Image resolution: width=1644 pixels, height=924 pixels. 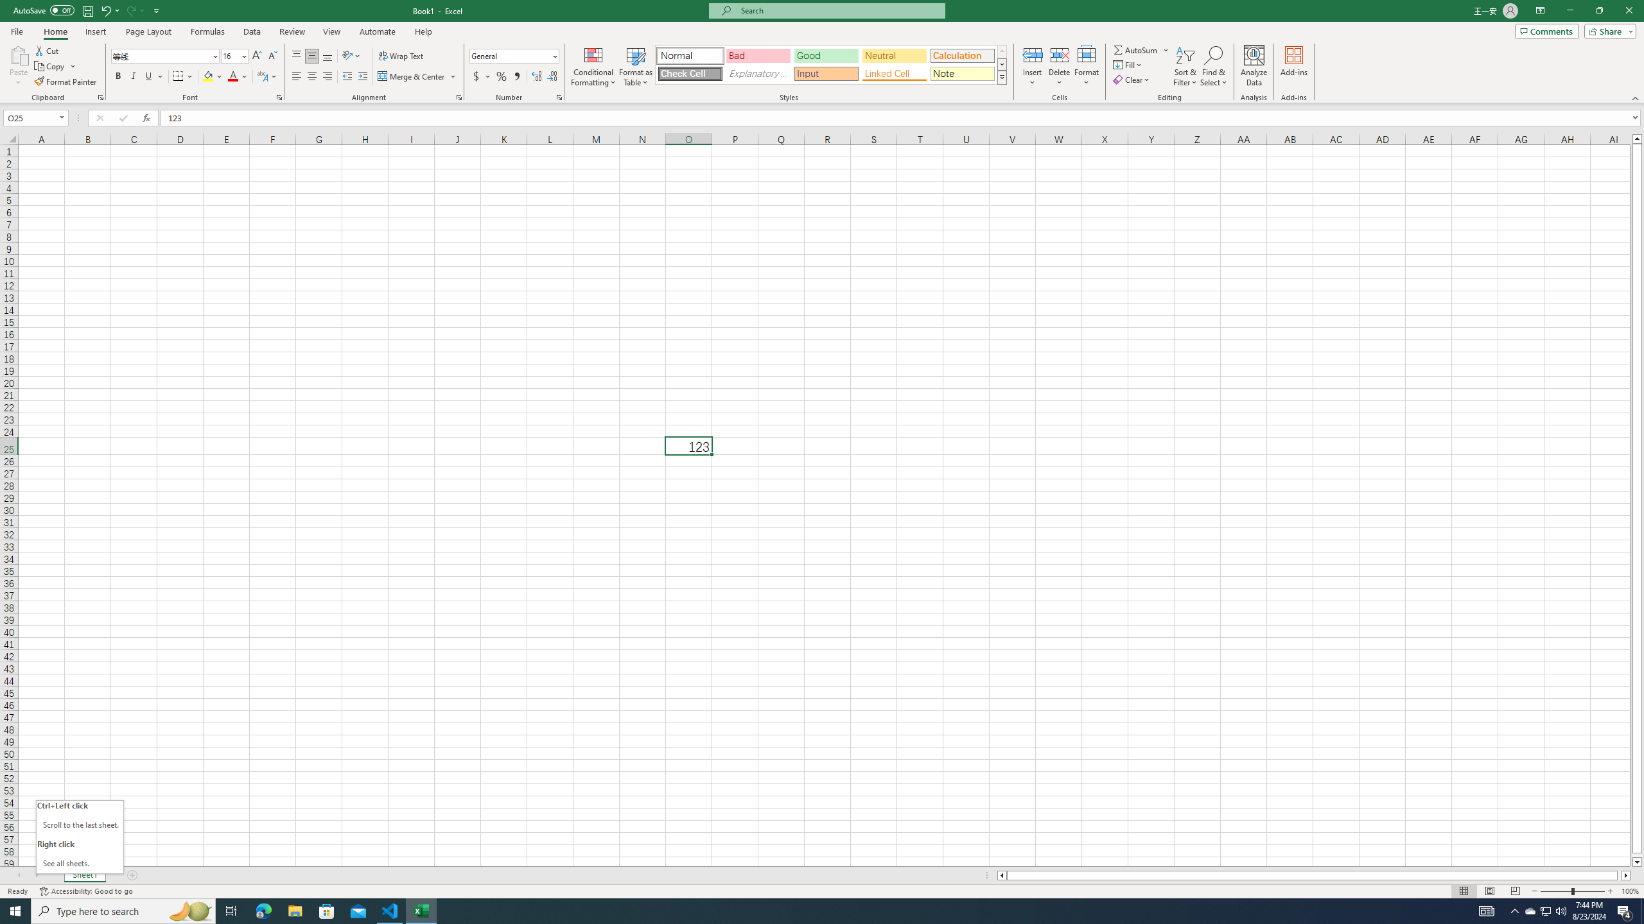 What do you see at coordinates (510, 56) in the screenshot?
I see `'Number Format'` at bounding box center [510, 56].